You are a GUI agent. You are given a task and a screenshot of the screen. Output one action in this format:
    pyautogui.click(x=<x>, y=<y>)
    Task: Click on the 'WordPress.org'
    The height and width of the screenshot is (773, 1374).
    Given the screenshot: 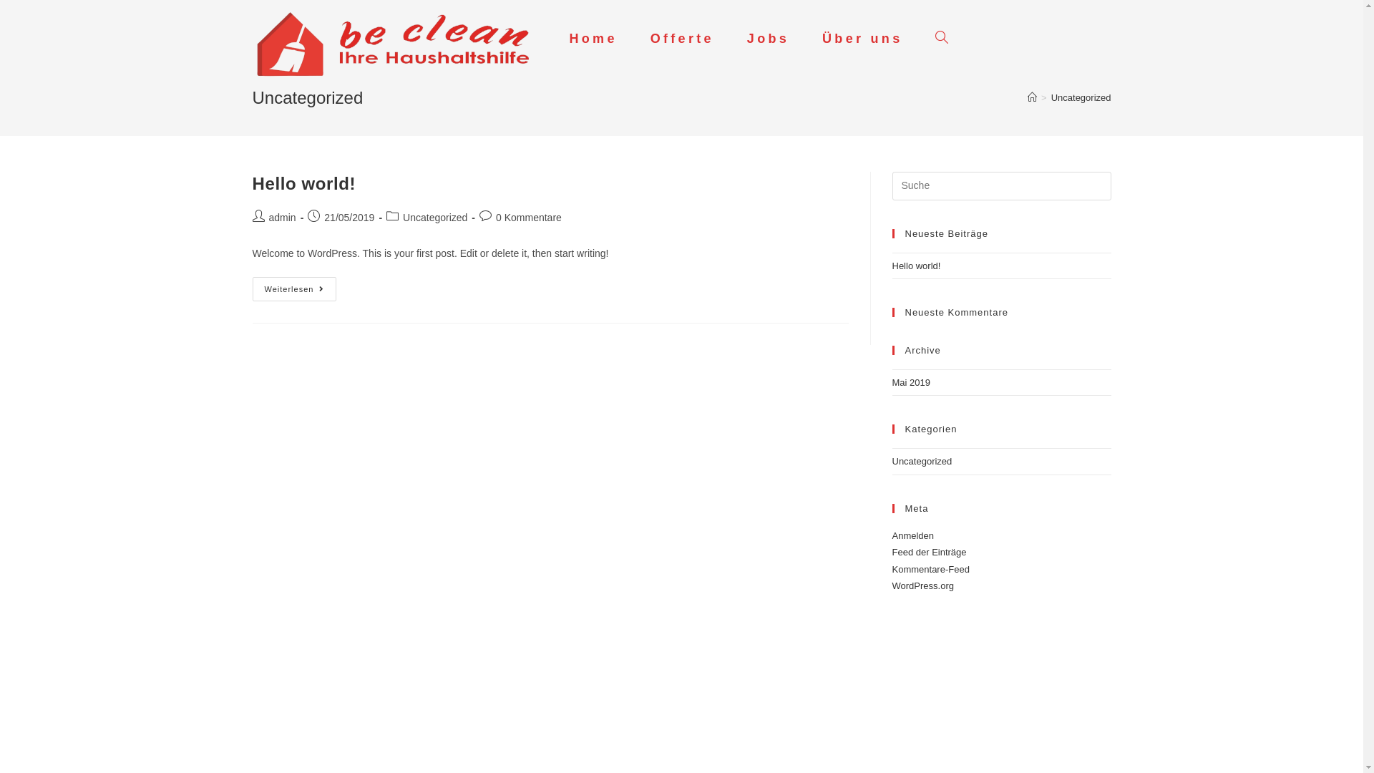 What is the action you would take?
    pyautogui.click(x=891, y=585)
    